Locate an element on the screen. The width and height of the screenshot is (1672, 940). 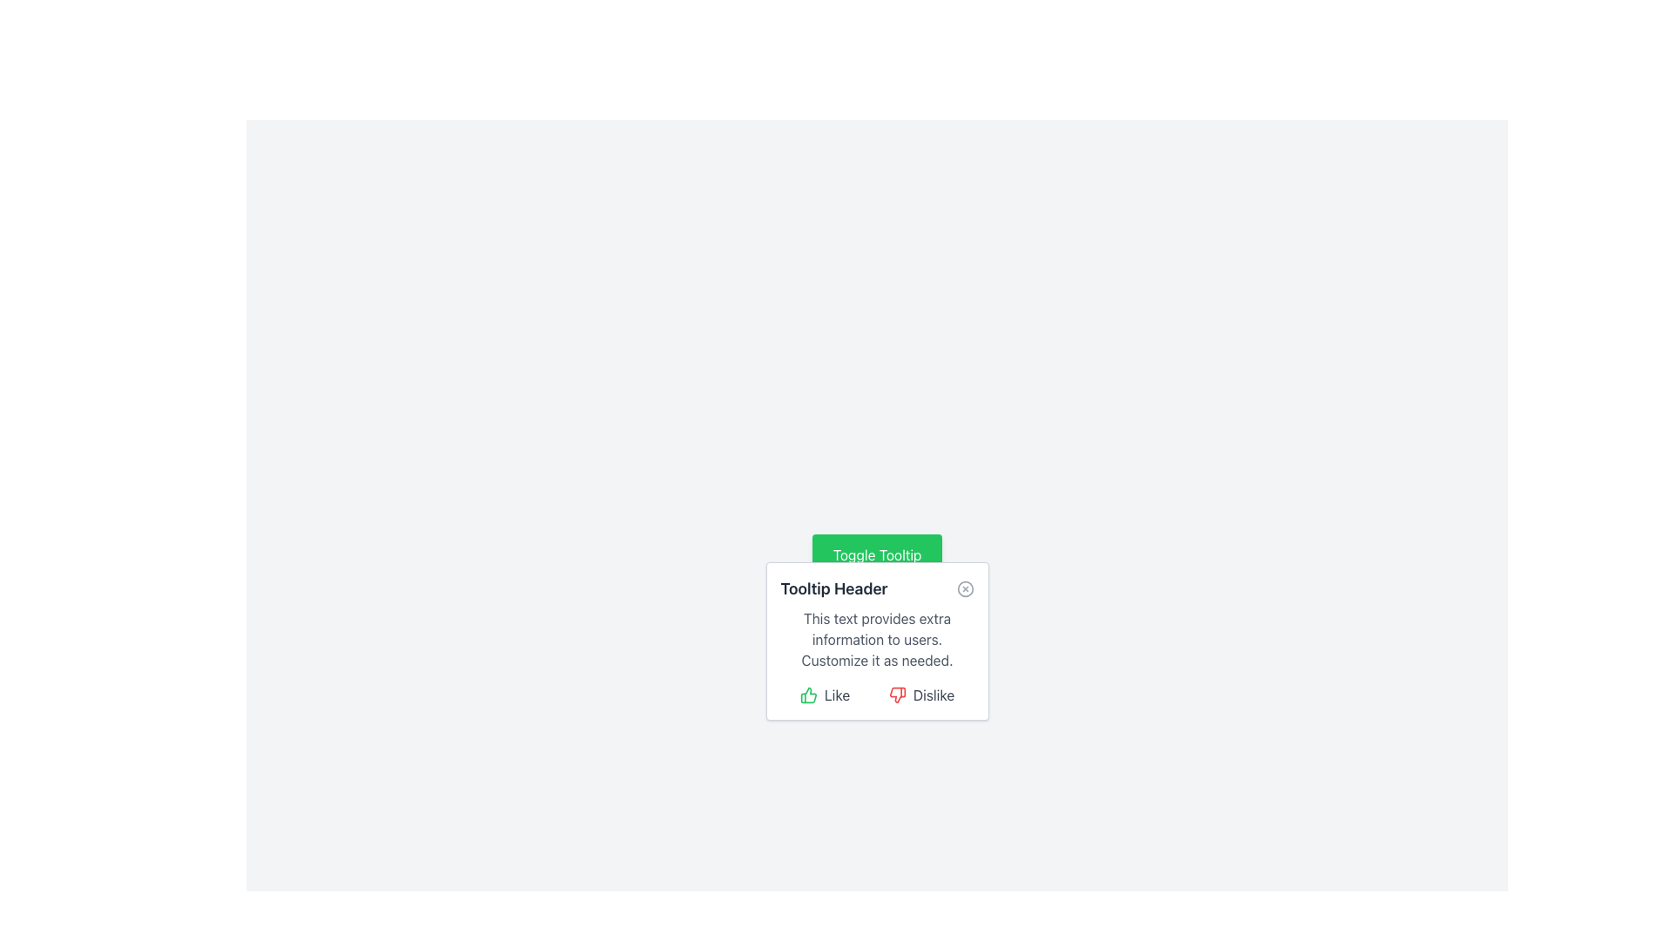
the green thumbs-up icon labeled 'Like' to register a 'like' is located at coordinates (823, 694).